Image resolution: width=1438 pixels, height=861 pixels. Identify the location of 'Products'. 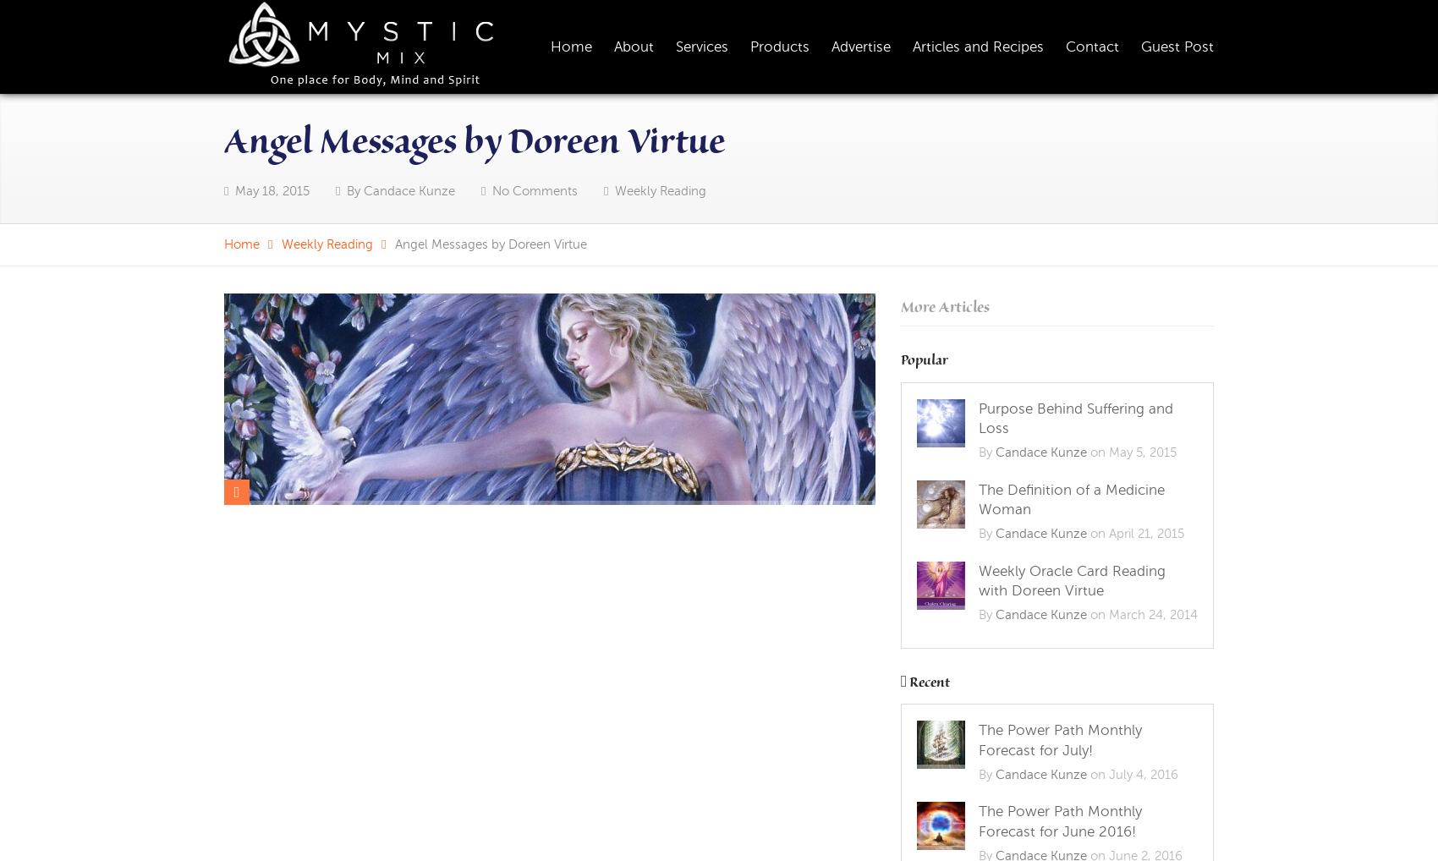
(780, 46).